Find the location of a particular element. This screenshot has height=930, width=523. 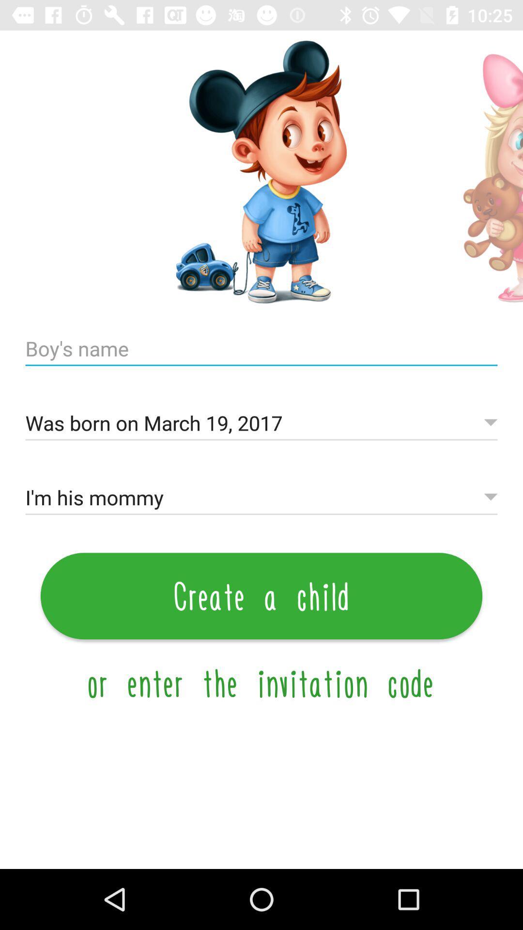

create a child is located at coordinates (261, 595).